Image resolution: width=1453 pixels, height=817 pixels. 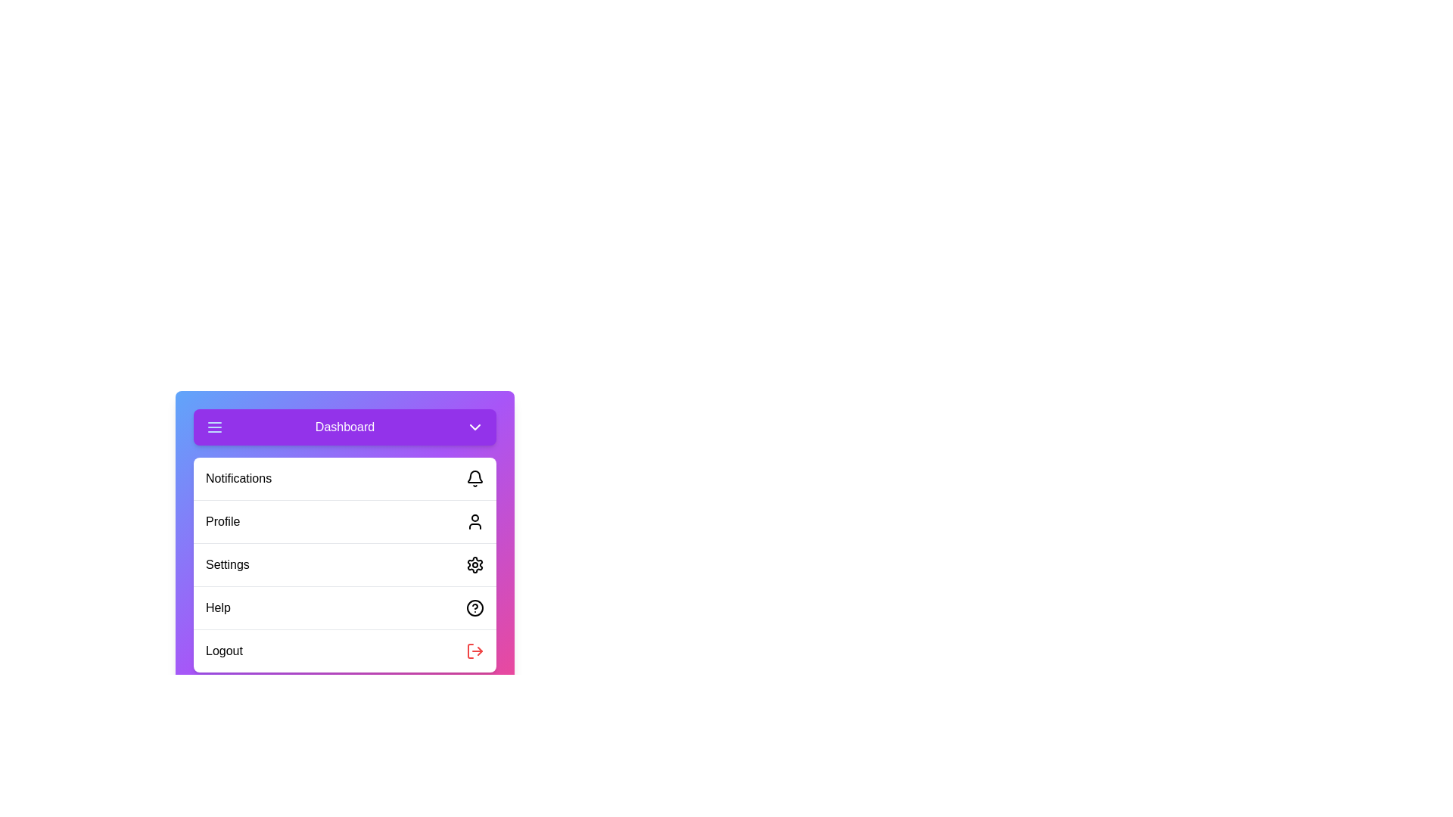 I want to click on the menu item labeled Logout to view its hover effect, so click(x=344, y=650).